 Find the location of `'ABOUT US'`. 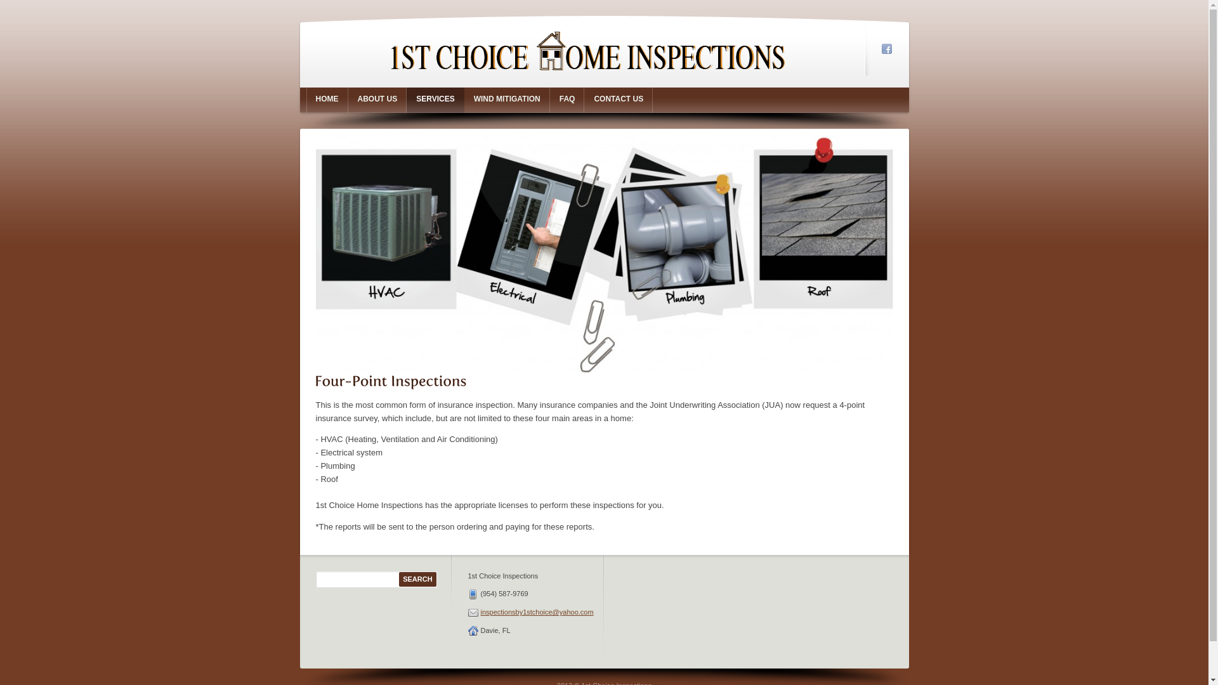

'ABOUT US' is located at coordinates (347, 100).